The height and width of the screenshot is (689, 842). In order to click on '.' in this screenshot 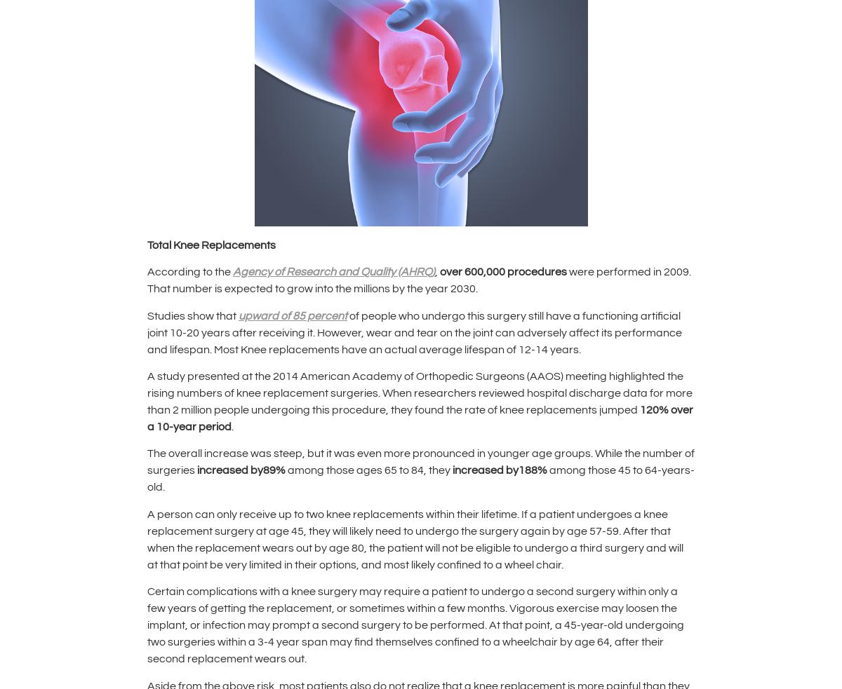, I will do `click(232, 425)`.